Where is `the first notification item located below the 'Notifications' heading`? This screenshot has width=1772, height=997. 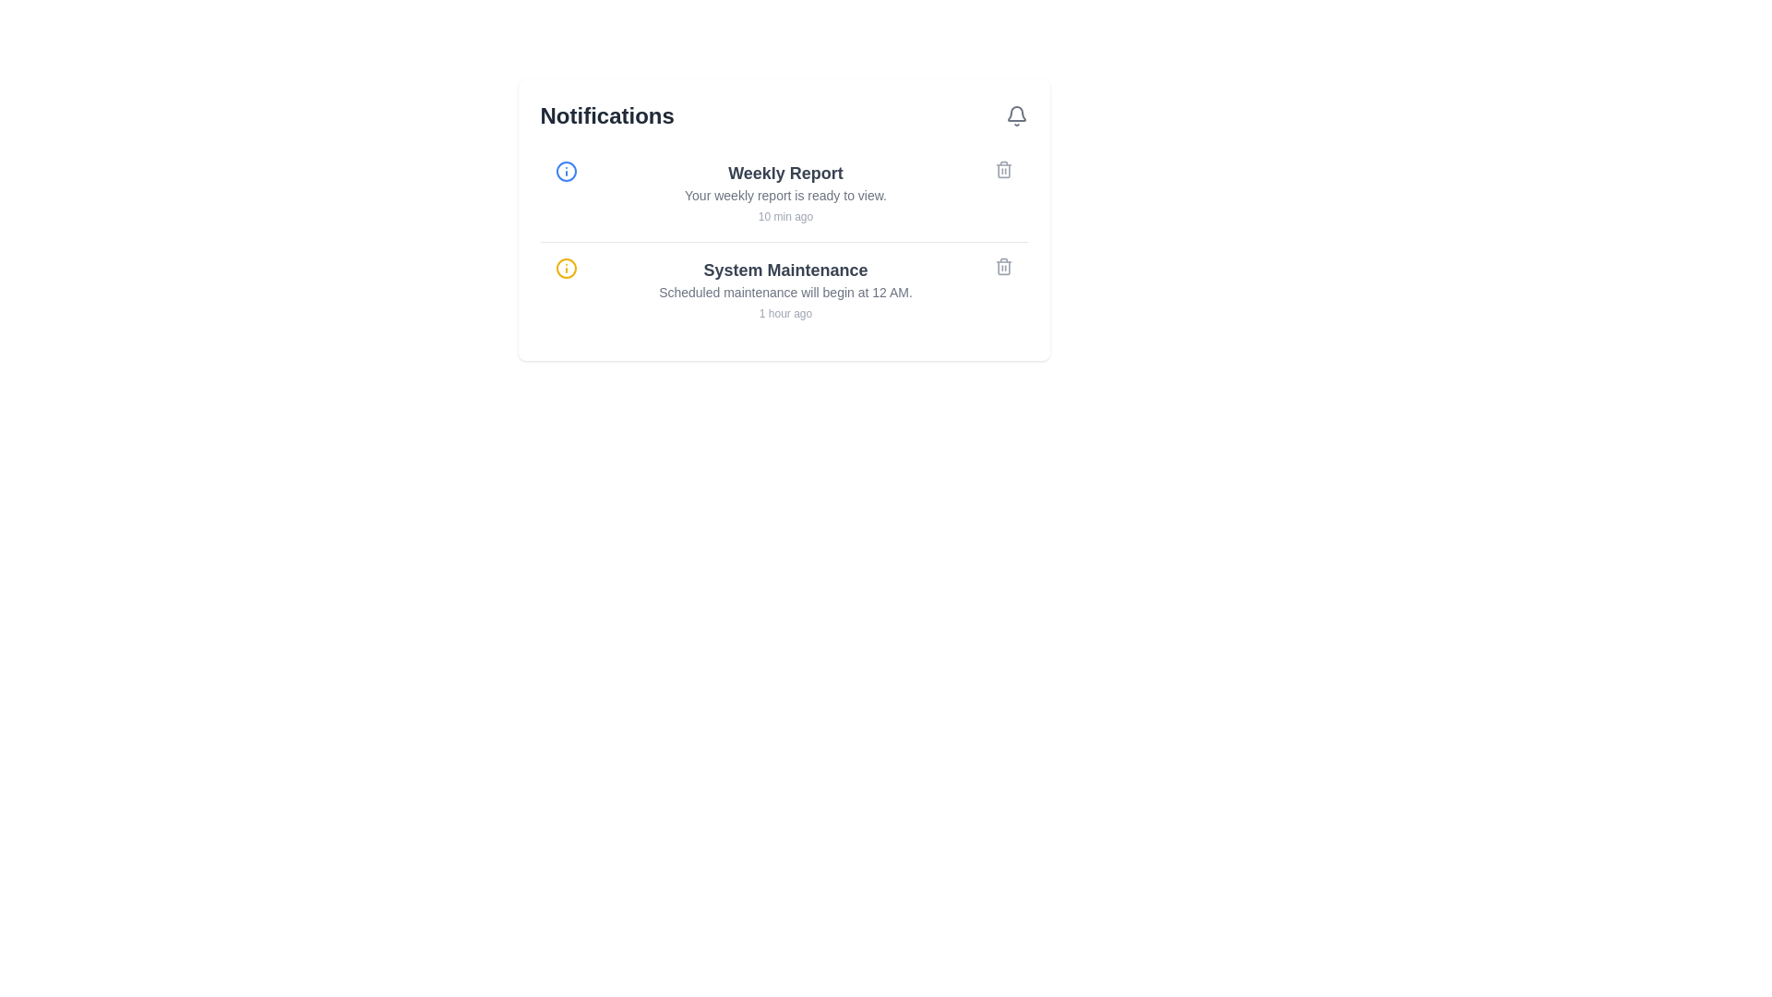
the first notification item located below the 'Notifications' heading is located at coordinates (784, 193).